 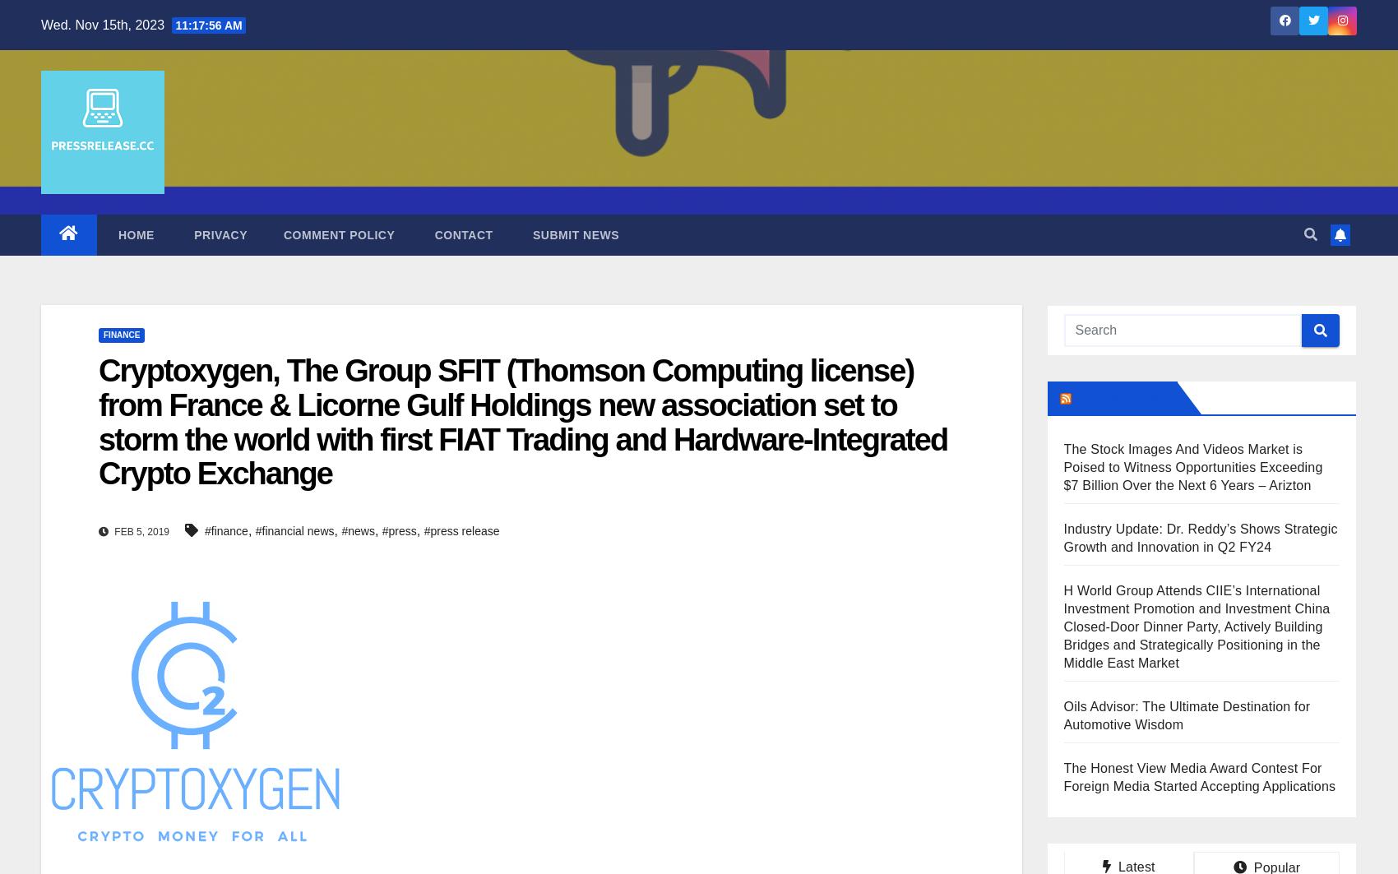 What do you see at coordinates (140, 529) in the screenshot?
I see `'Feb 5, 2019'` at bounding box center [140, 529].